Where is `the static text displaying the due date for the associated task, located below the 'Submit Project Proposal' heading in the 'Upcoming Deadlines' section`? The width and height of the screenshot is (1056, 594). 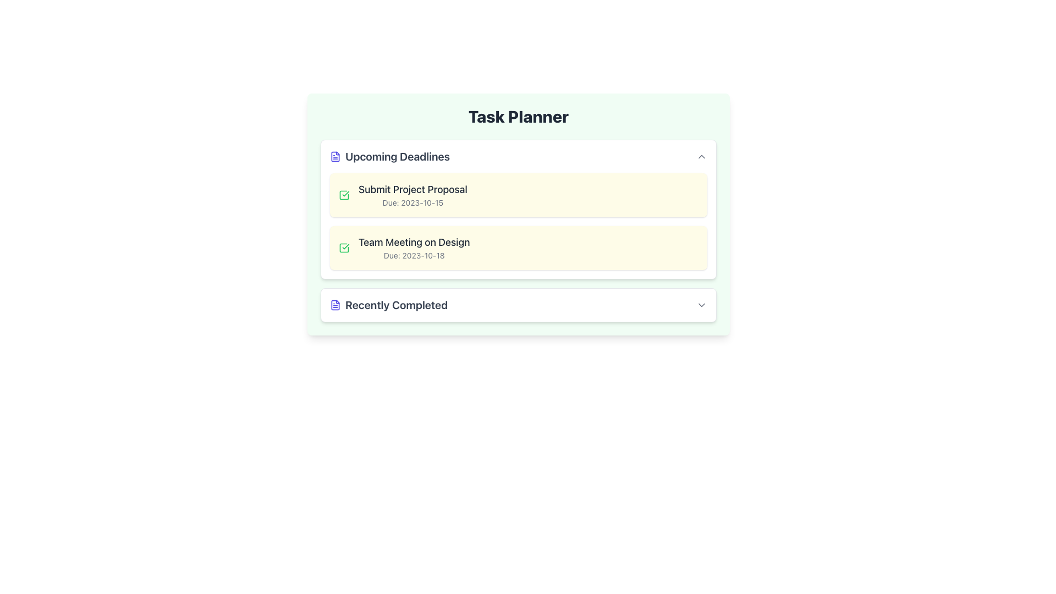
the static text displaying the due date for the associated task, located below the 'Submit Project Proposal' heading in the 'Upcoming Deadlines' section is located at coordinates (412, 203).